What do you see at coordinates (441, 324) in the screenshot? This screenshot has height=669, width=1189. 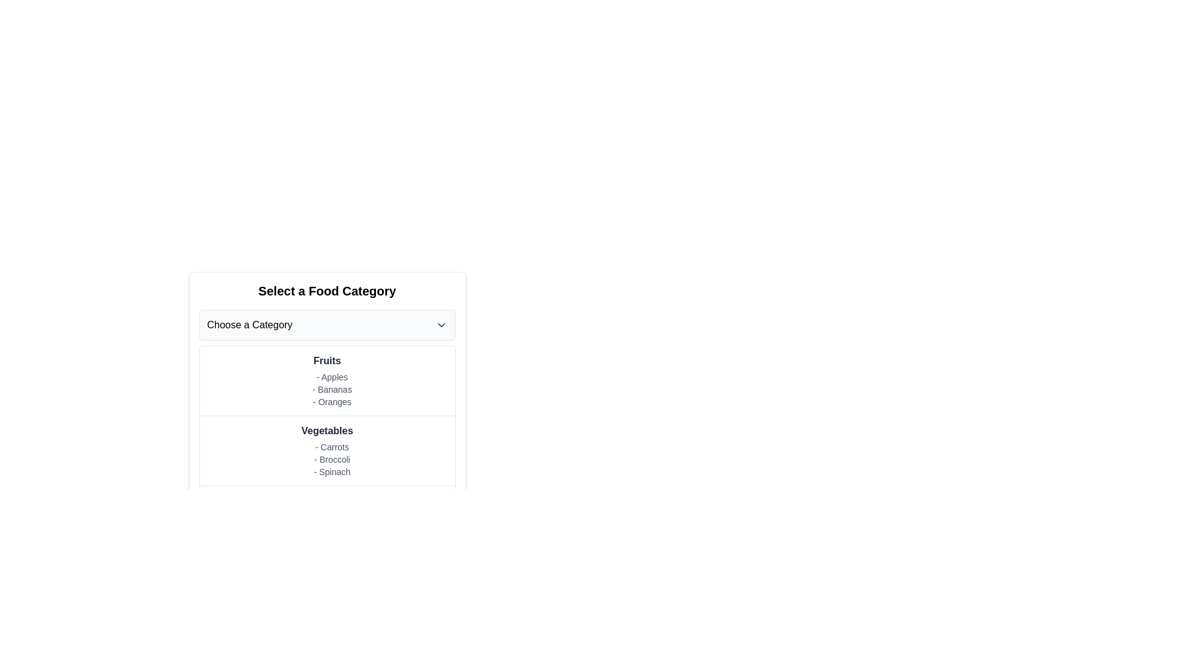 I see `the chevron icon located at the top-right of the 'Choose a Category' box` at bounding box center [441, 324].